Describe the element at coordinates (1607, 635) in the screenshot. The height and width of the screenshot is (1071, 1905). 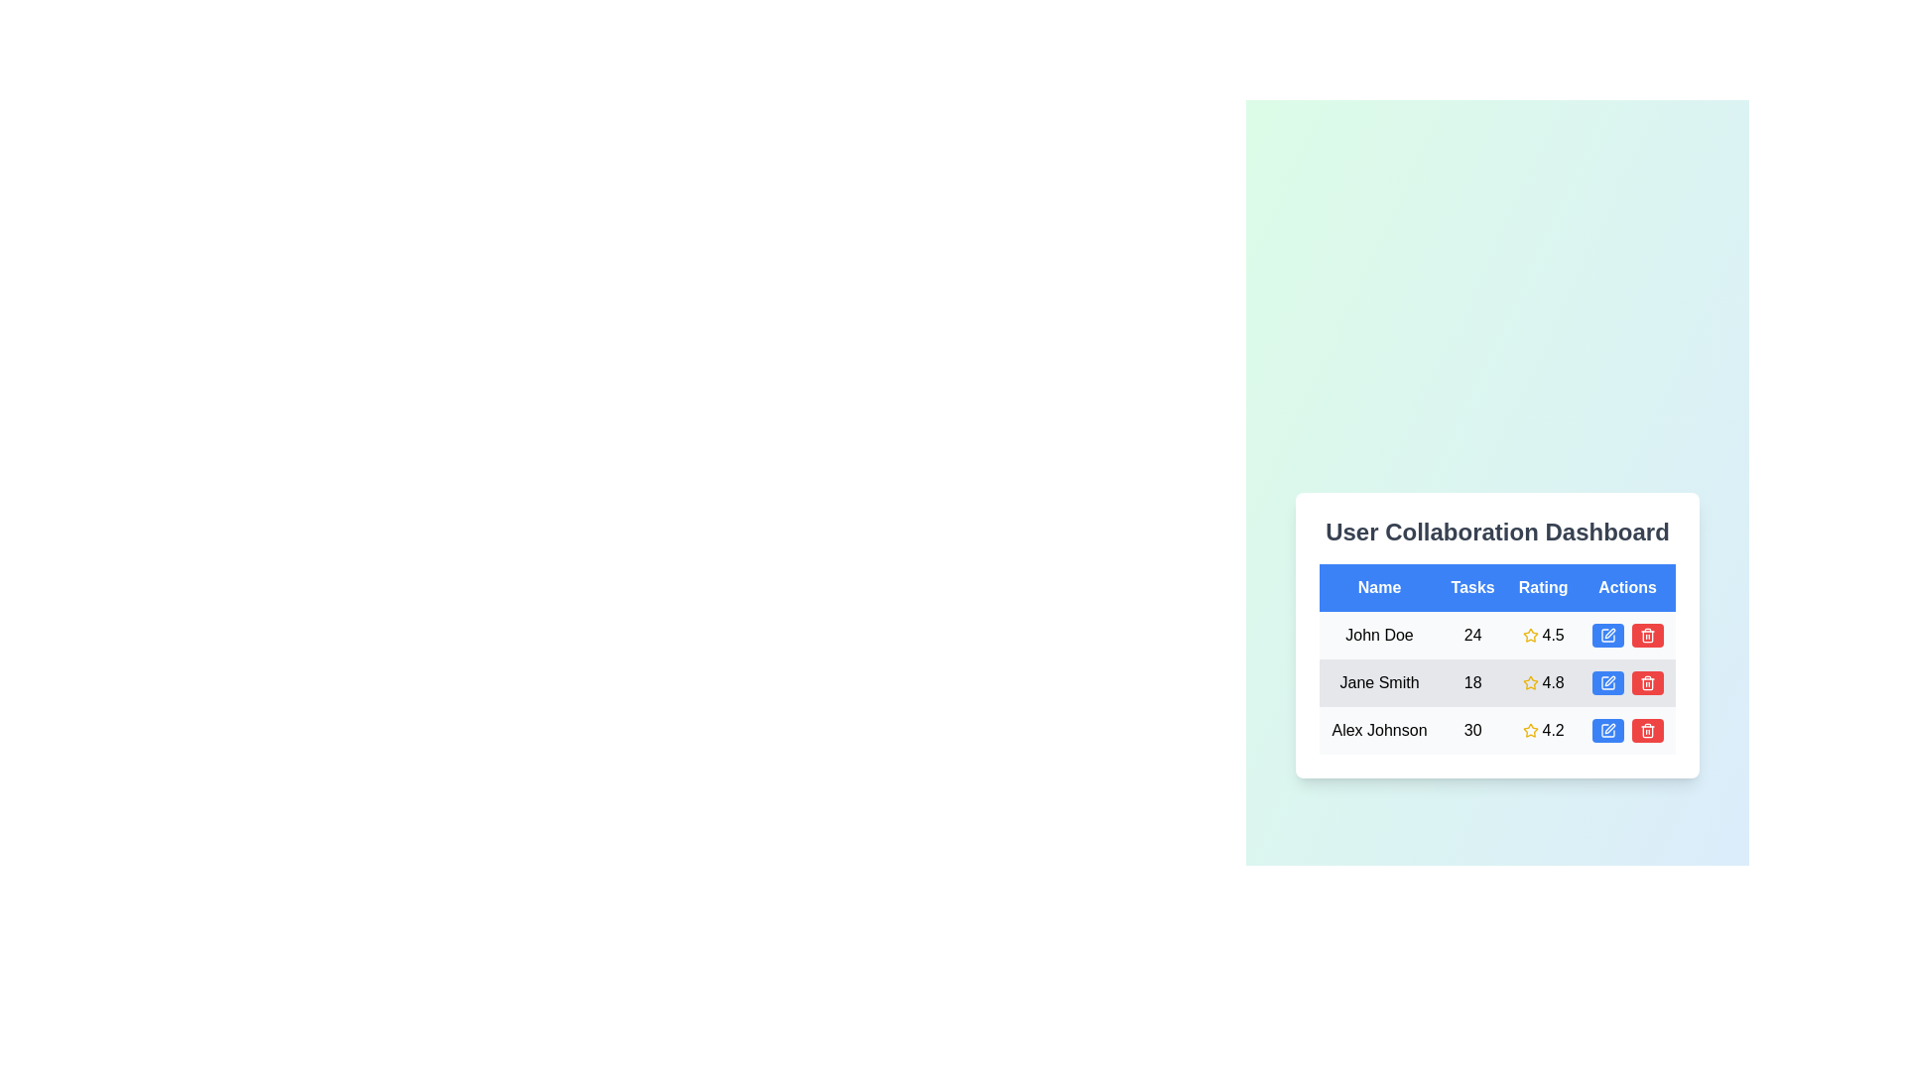
I see `the blue rectangular button with a white pen icon in the 'Actions' column of the row labeled 'Jane Smith'` at that location.